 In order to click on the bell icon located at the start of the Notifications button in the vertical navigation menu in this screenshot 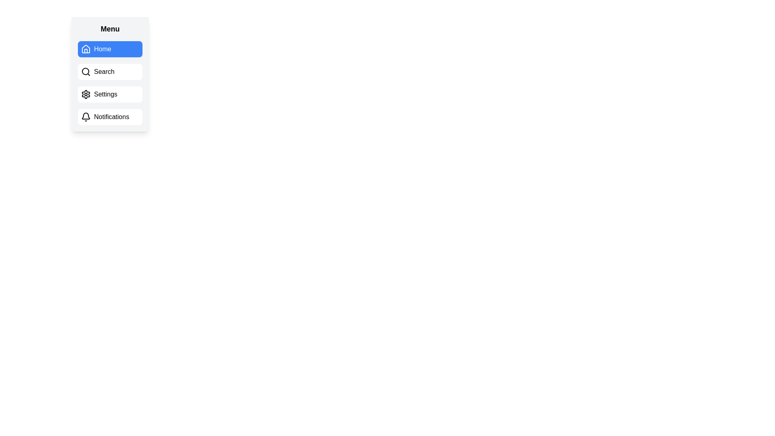, I will do `click(86, 117)`.